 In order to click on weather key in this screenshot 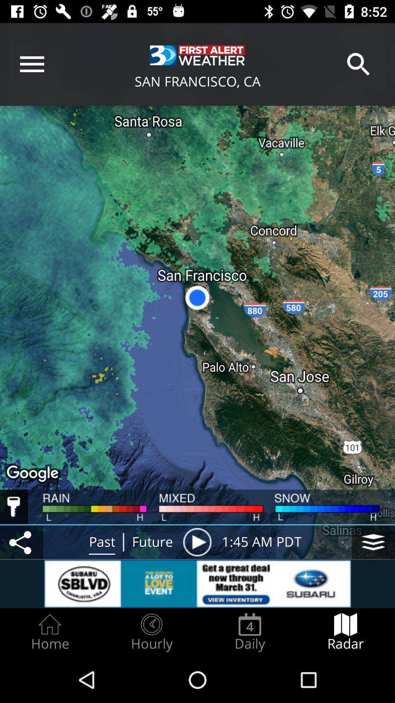, I will do `click(14, 506)`.